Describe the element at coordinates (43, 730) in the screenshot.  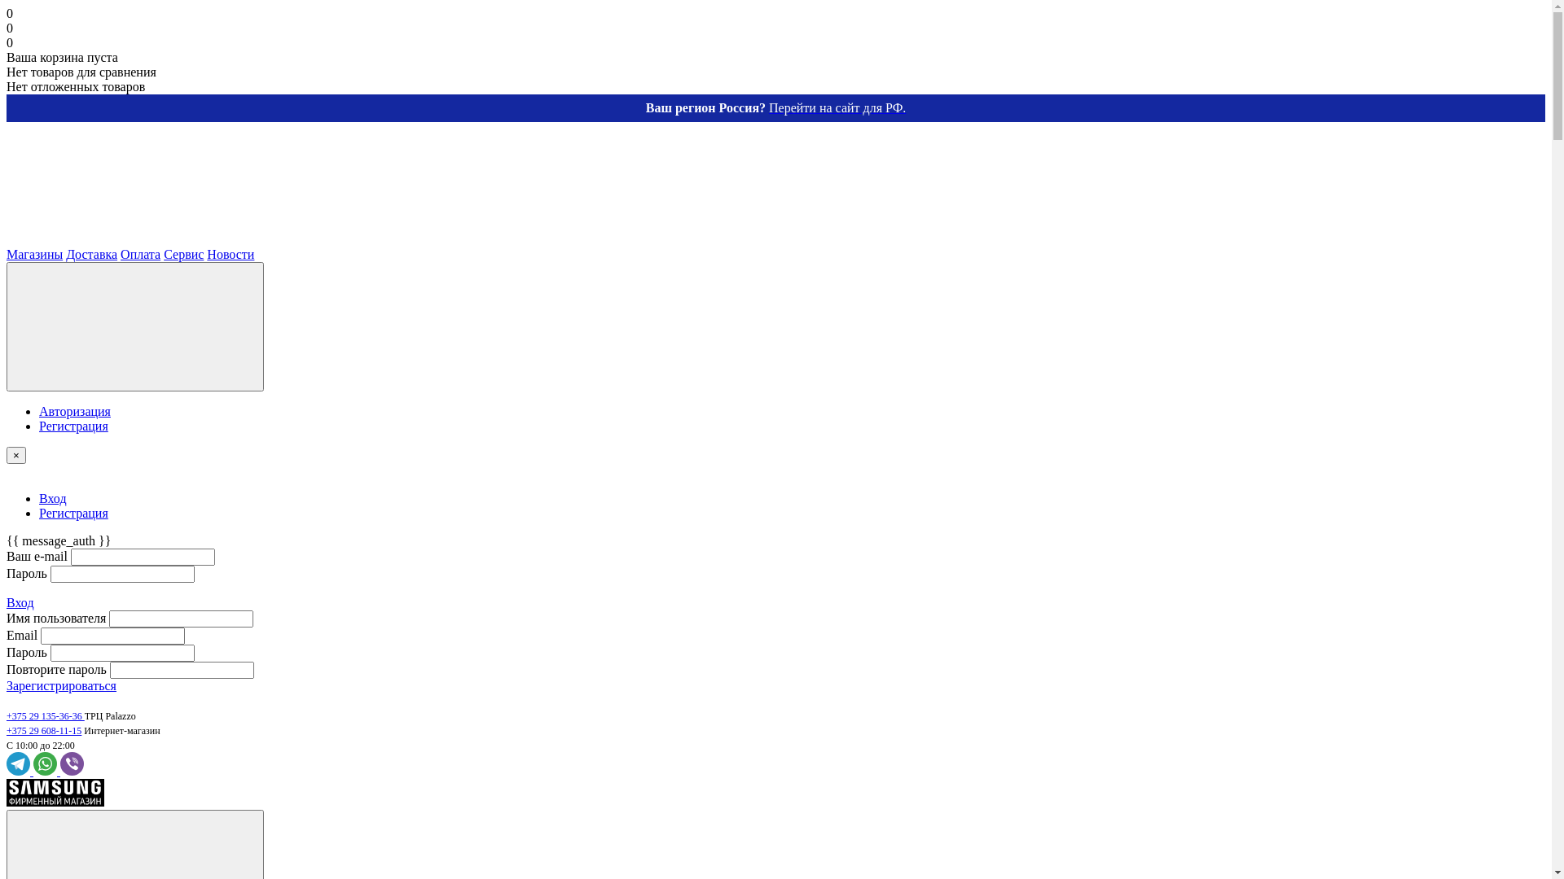
I see `'+375 29 608-11-15'` at that location.